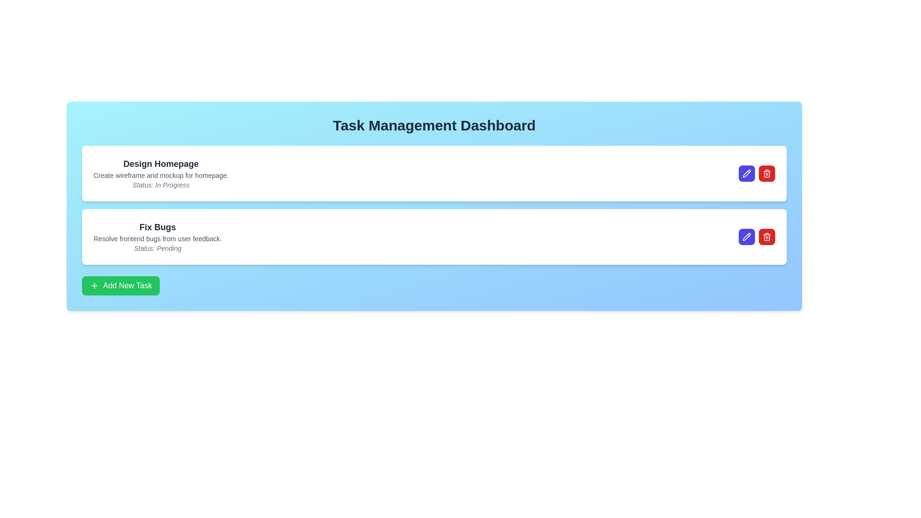 The height and width of the screenshot is (518, 921). What do you see at coordinates (766, 237) in the screenshot?
I see `the trash can icon located at the end of the second task card in the task list` at bounding box center [766, 237].